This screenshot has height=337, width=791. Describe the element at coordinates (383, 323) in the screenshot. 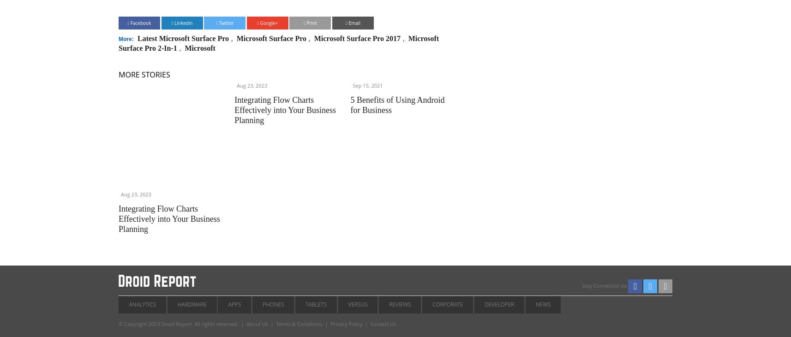

I see `'Contact Us'` at that location.